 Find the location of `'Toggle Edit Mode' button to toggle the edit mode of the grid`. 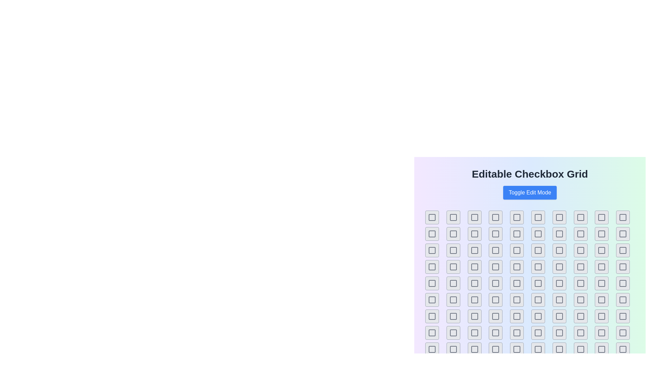

'Toggle Edit Mode' button to toggle the edit mode of the grid is located at coordinates (530, 192).